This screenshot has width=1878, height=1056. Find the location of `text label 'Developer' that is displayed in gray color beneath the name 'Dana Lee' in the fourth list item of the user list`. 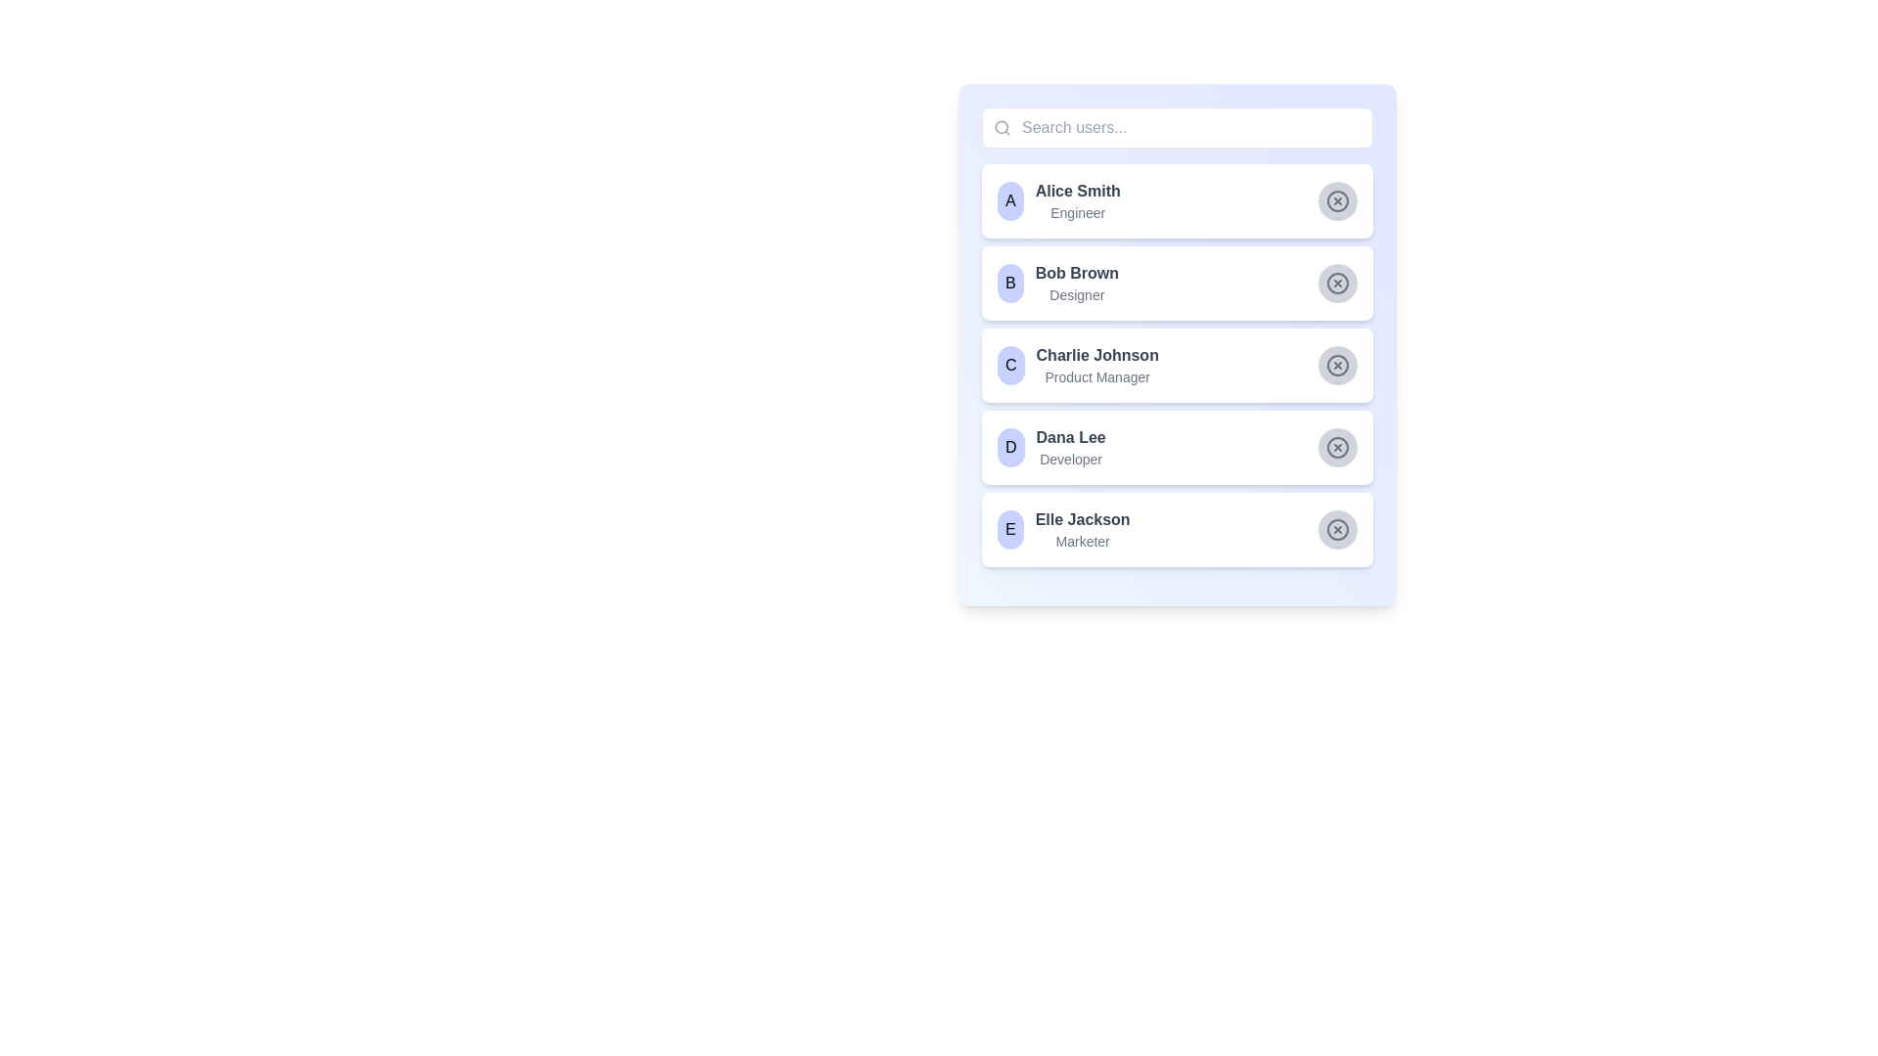

text label 'Developer' that is displayed in gray color beneath the name 'Dana Lee' in the fourth list item of the user list is located at coordinates (1070, 460).